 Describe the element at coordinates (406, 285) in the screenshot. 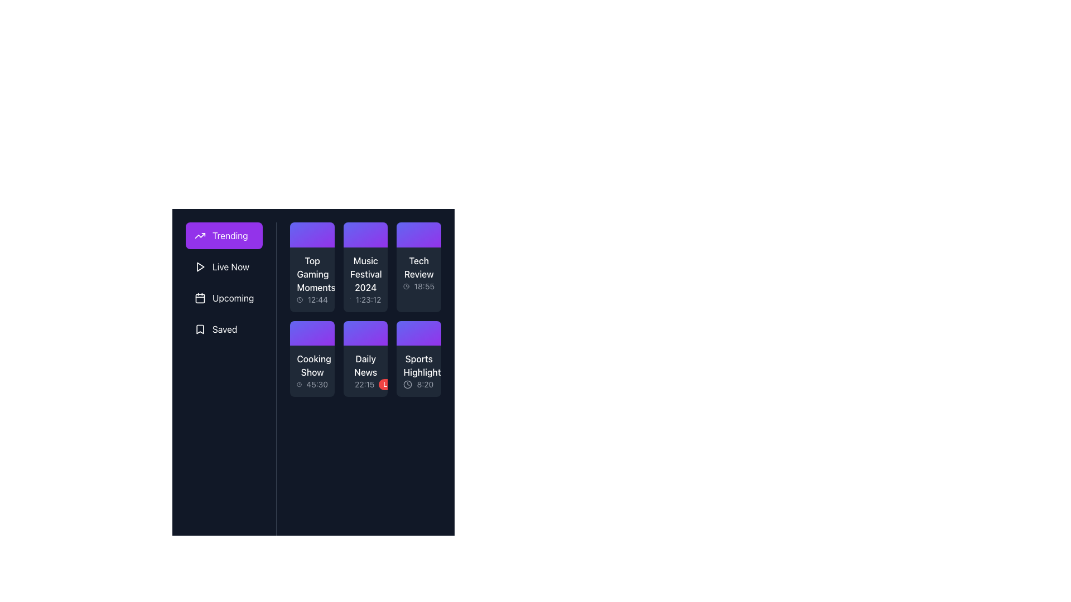

I see `the clock icon indicating the time '18:55' located in the top-right section of the 'Tech Review' tile` at that location.